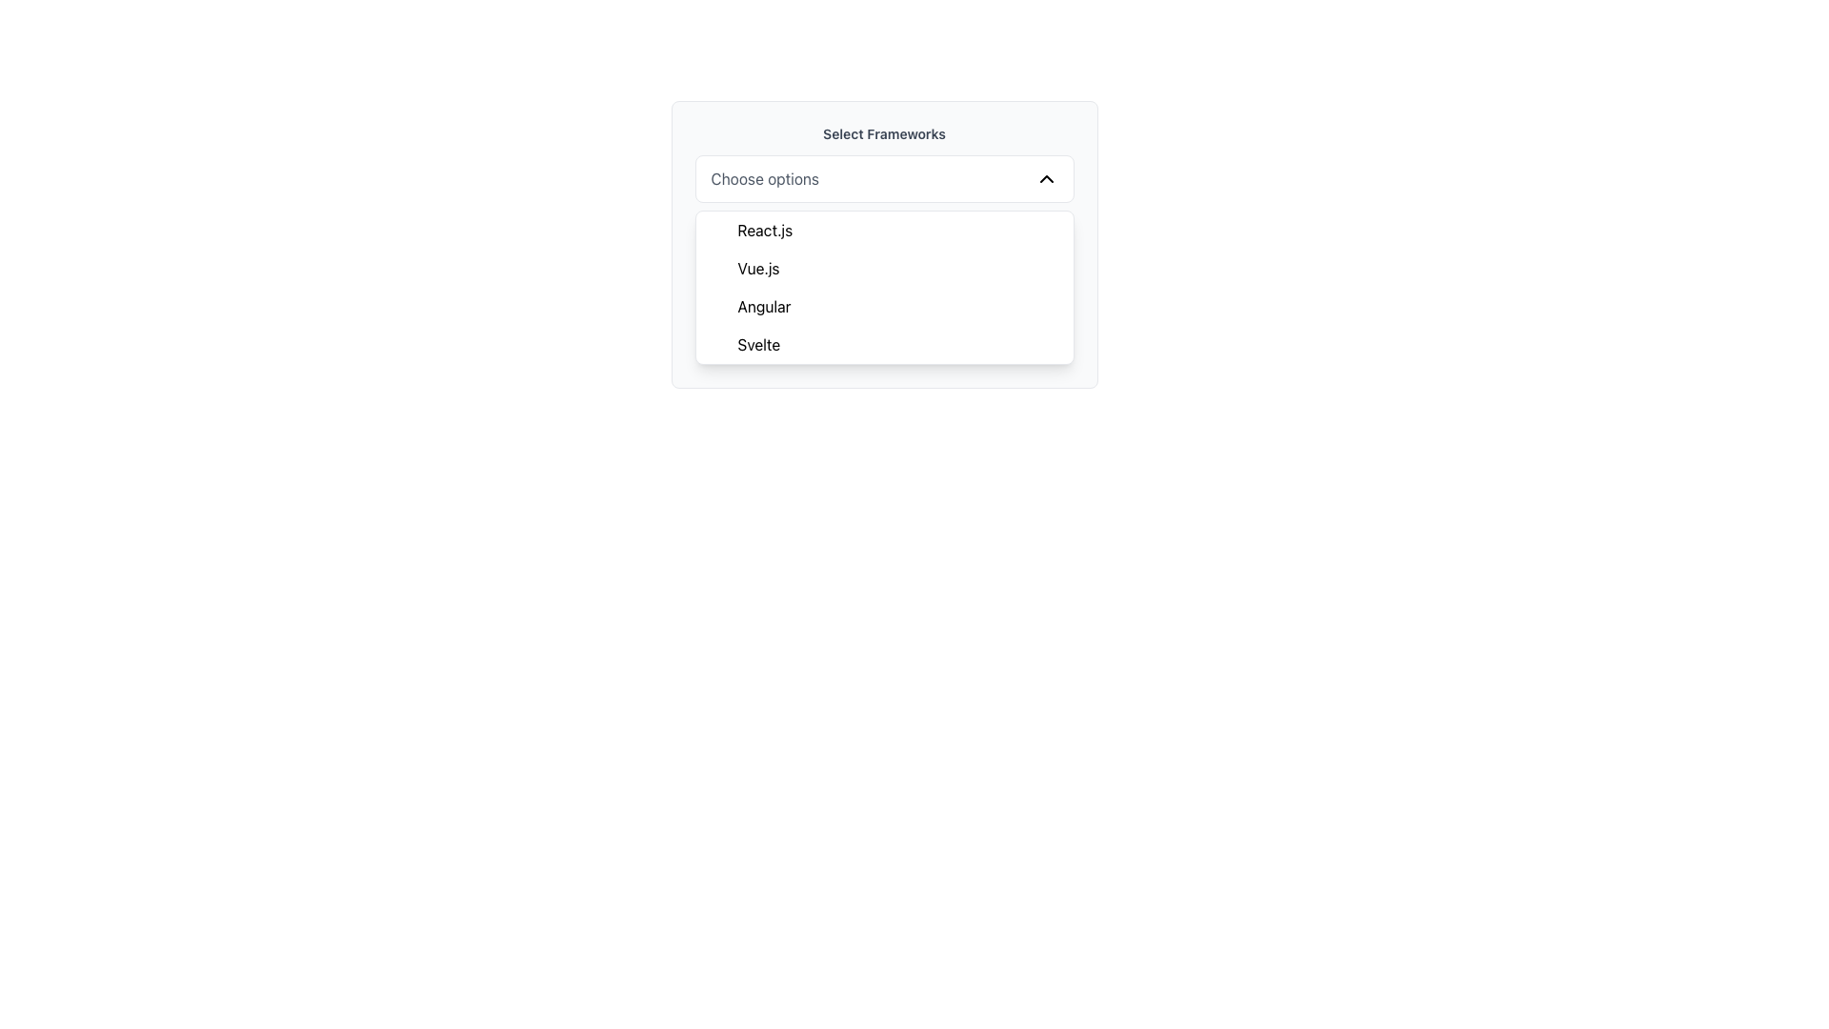 The image size is (1829, 1029). Describe the element at coordinates (883, 179) in the screenshot. I see `the dropdown menu element labeled 'Choose options' located beneath 'Select Frameworks' to interact with it` at that location.